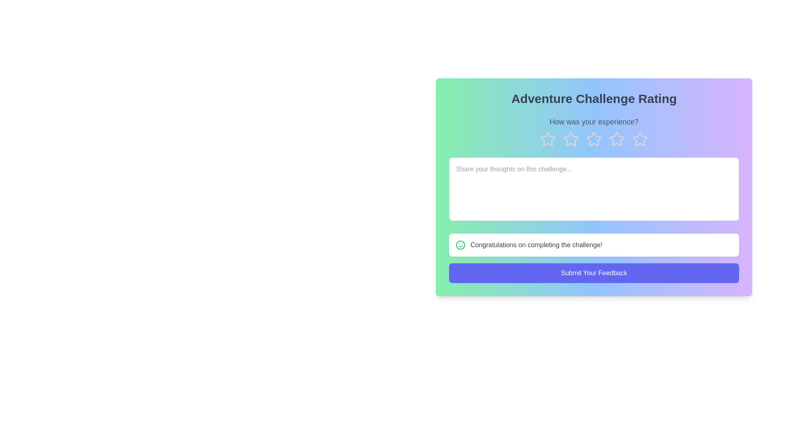 The image size is (791, 445). I want to click on the centrally positioned Text label that prompts the user for feedback, located directly below the title 'Adventure Challenge Rating', so click(594, 122).